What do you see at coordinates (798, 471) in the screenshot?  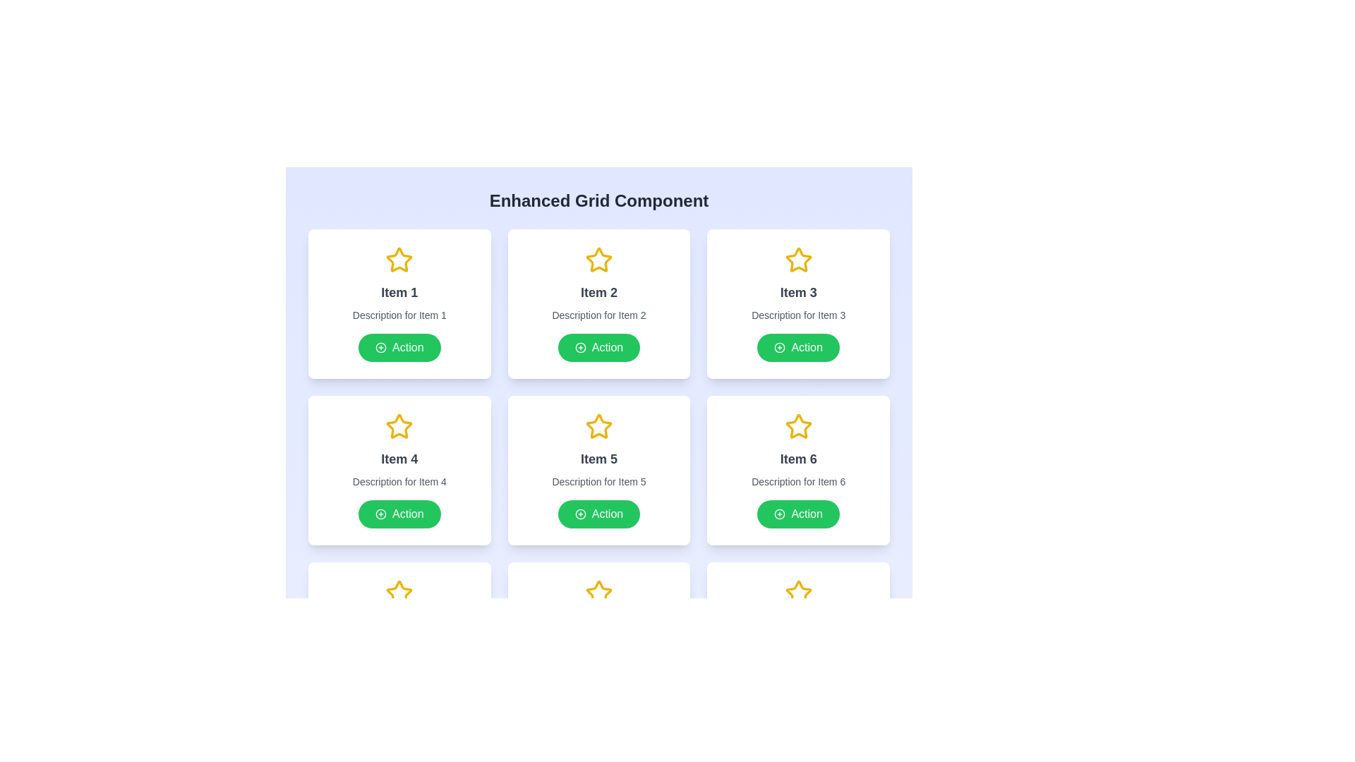 I see `the information displayed on the card labeled 'Item 6', which features a large yellow star icon, a title, and a green button at the bottom` at bounding box center [798, 471].